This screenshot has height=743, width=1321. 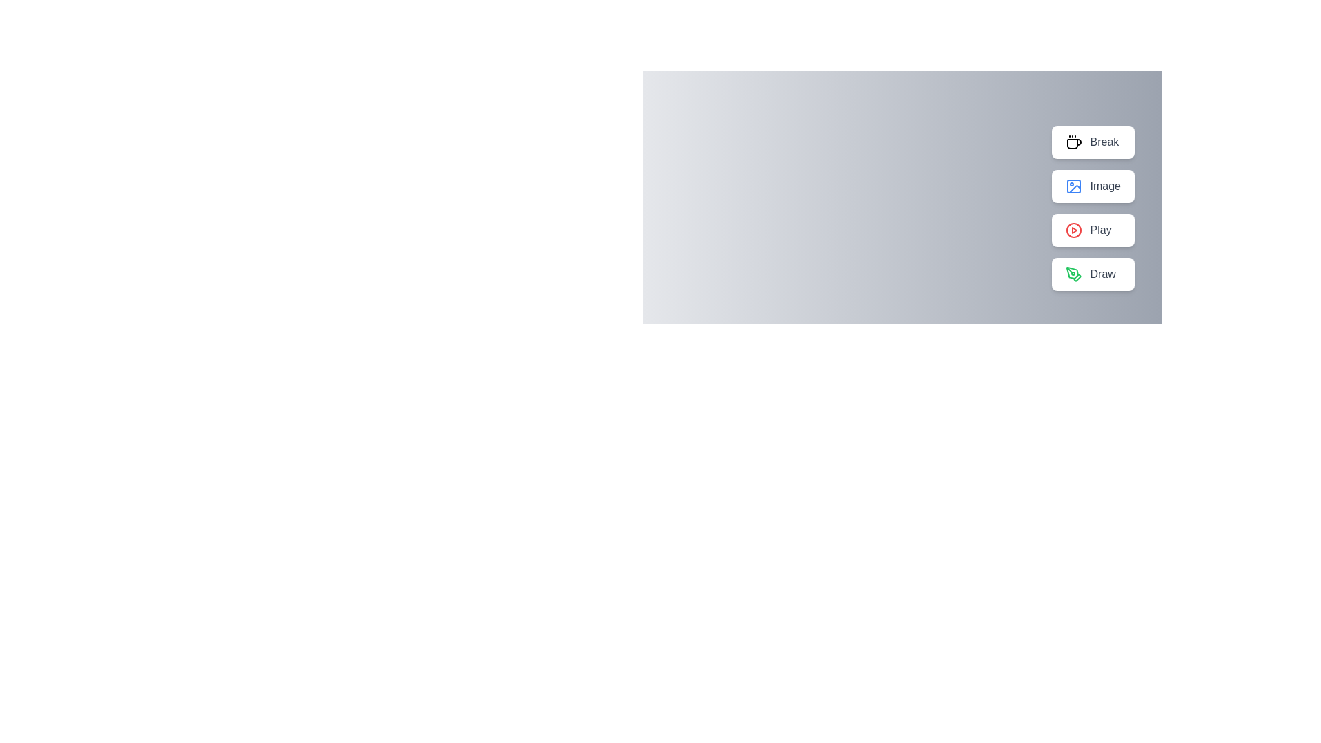 What do you see at coordinates (1092, 186) in the screenshot?
I see `the button labeled Image to inspect its icon and label` at bounding box center [1092, 186].